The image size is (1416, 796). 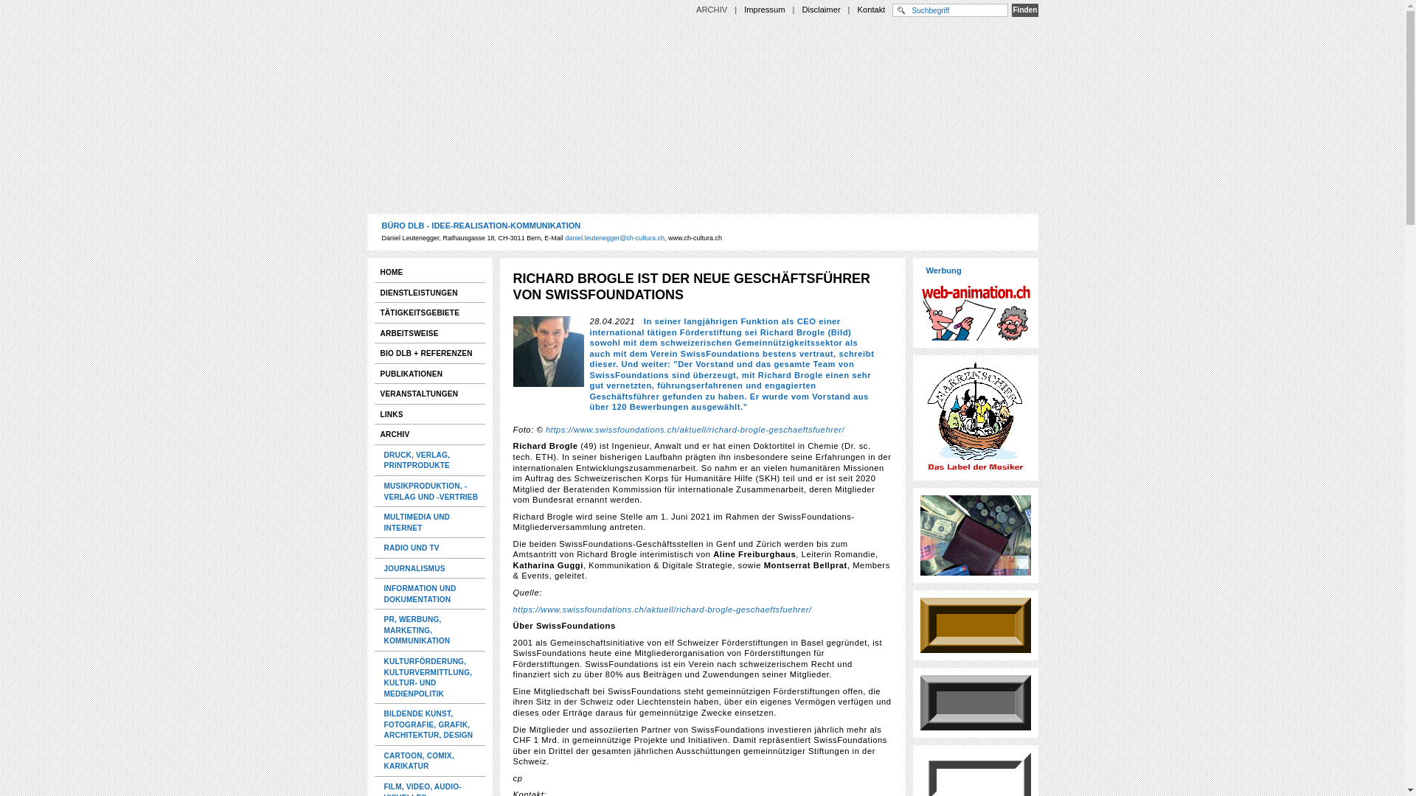 I want to click on 'Kontakt', so click(x=871, y=9).